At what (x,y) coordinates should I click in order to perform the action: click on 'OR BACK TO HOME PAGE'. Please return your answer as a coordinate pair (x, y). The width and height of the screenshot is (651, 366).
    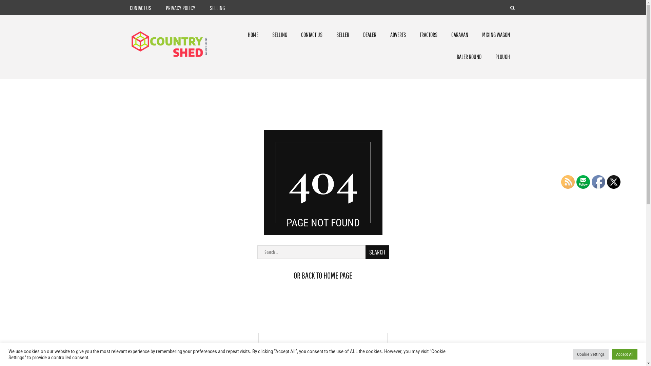
    Looking at the image, I should click on (322, 275).